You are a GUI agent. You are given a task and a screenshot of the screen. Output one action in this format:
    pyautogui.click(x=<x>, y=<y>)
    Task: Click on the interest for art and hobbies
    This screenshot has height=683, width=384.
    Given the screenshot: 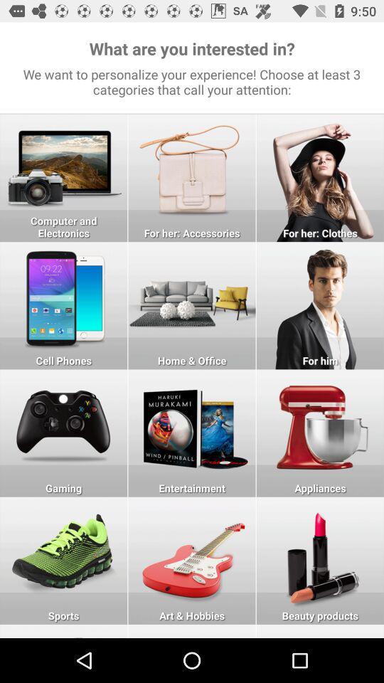 What is the action you would take?
    pyautogui.click(x=192, y=561)
    